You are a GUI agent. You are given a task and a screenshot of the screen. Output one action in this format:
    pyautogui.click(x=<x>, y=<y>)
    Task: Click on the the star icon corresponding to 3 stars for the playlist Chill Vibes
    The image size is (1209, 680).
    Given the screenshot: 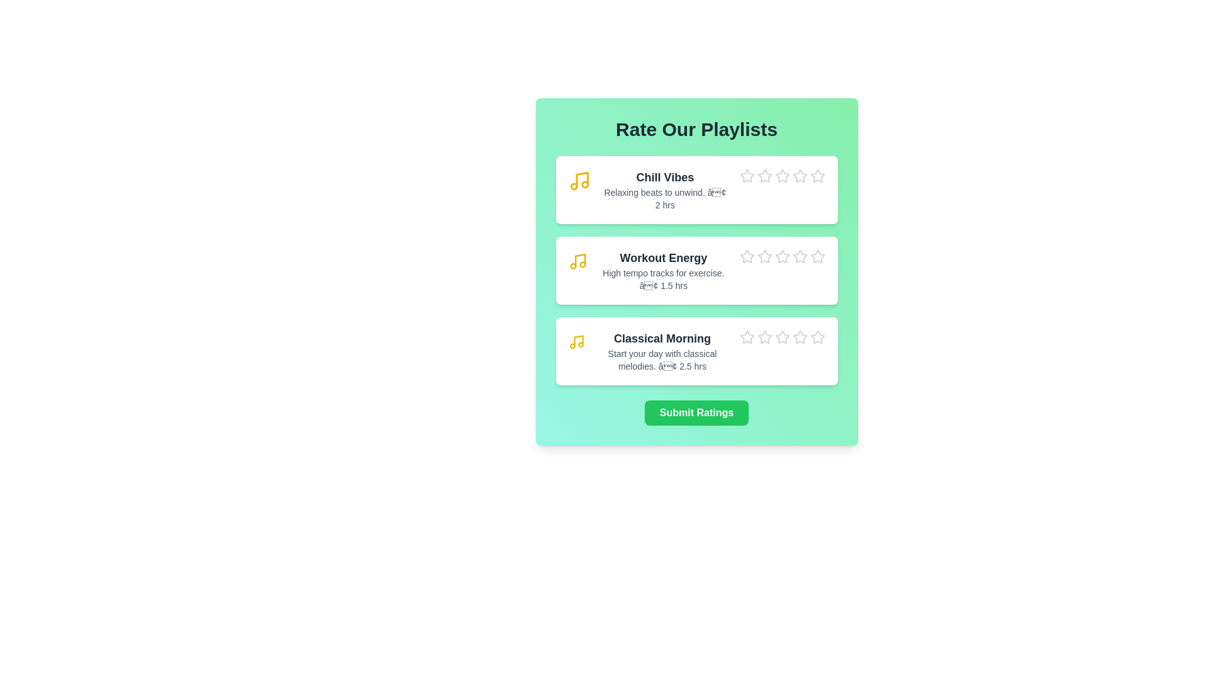 What is the action you would take?
    pyautogui.click(x=774, y=167)
    